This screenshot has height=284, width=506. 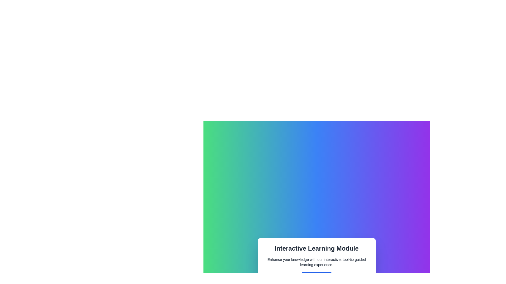 I want to click on the first button located below the title 'Interactive Learning Module', so click(x=316, y=277).